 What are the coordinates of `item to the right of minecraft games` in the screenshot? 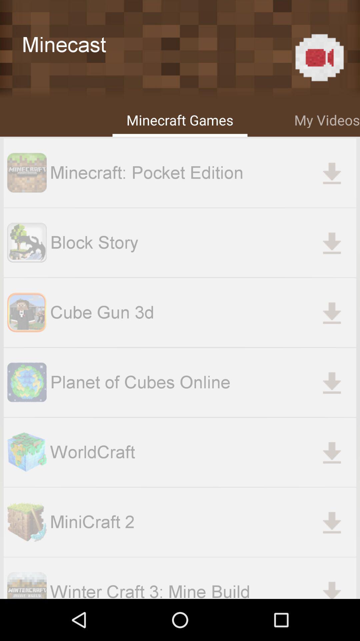 It's located at (327, 119).